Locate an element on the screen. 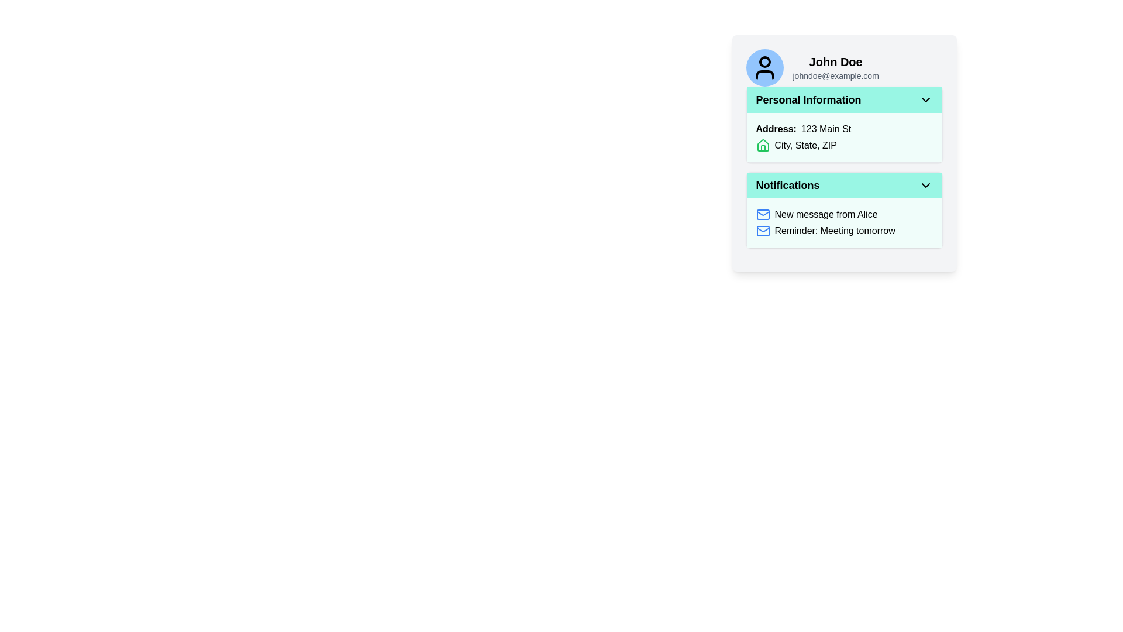 The width and height of the screenshot is (1123, 632). the new message icon located to the left of the text 'New message from Alice' within the notification card under the 'Notifications' section of the user profile panel to visualize the associated notification is located at coordinates (763, 214).